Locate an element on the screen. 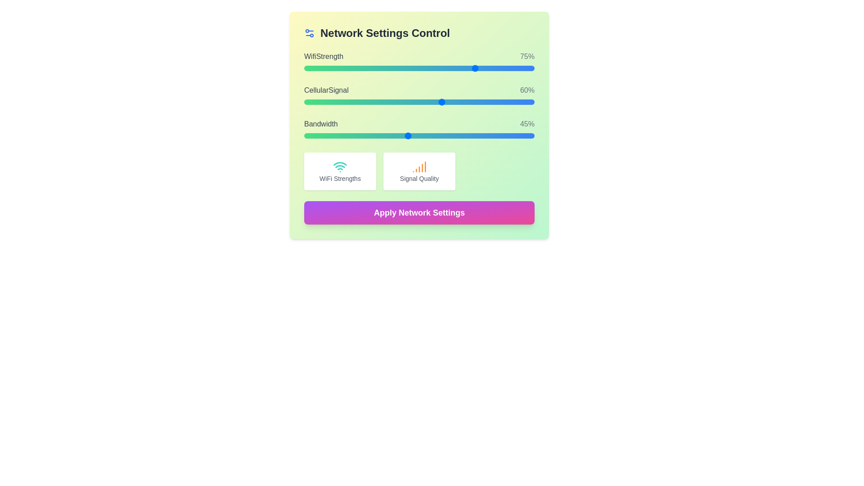 Image resolution: width=864 pixels, height=486 pixels. the slider control used to adjust the bandwidth value, which is the third element in a stacked list below 'WifiStrength: 75%' and 'CellularSignal: 60%' is located at coordinates (418, 130).